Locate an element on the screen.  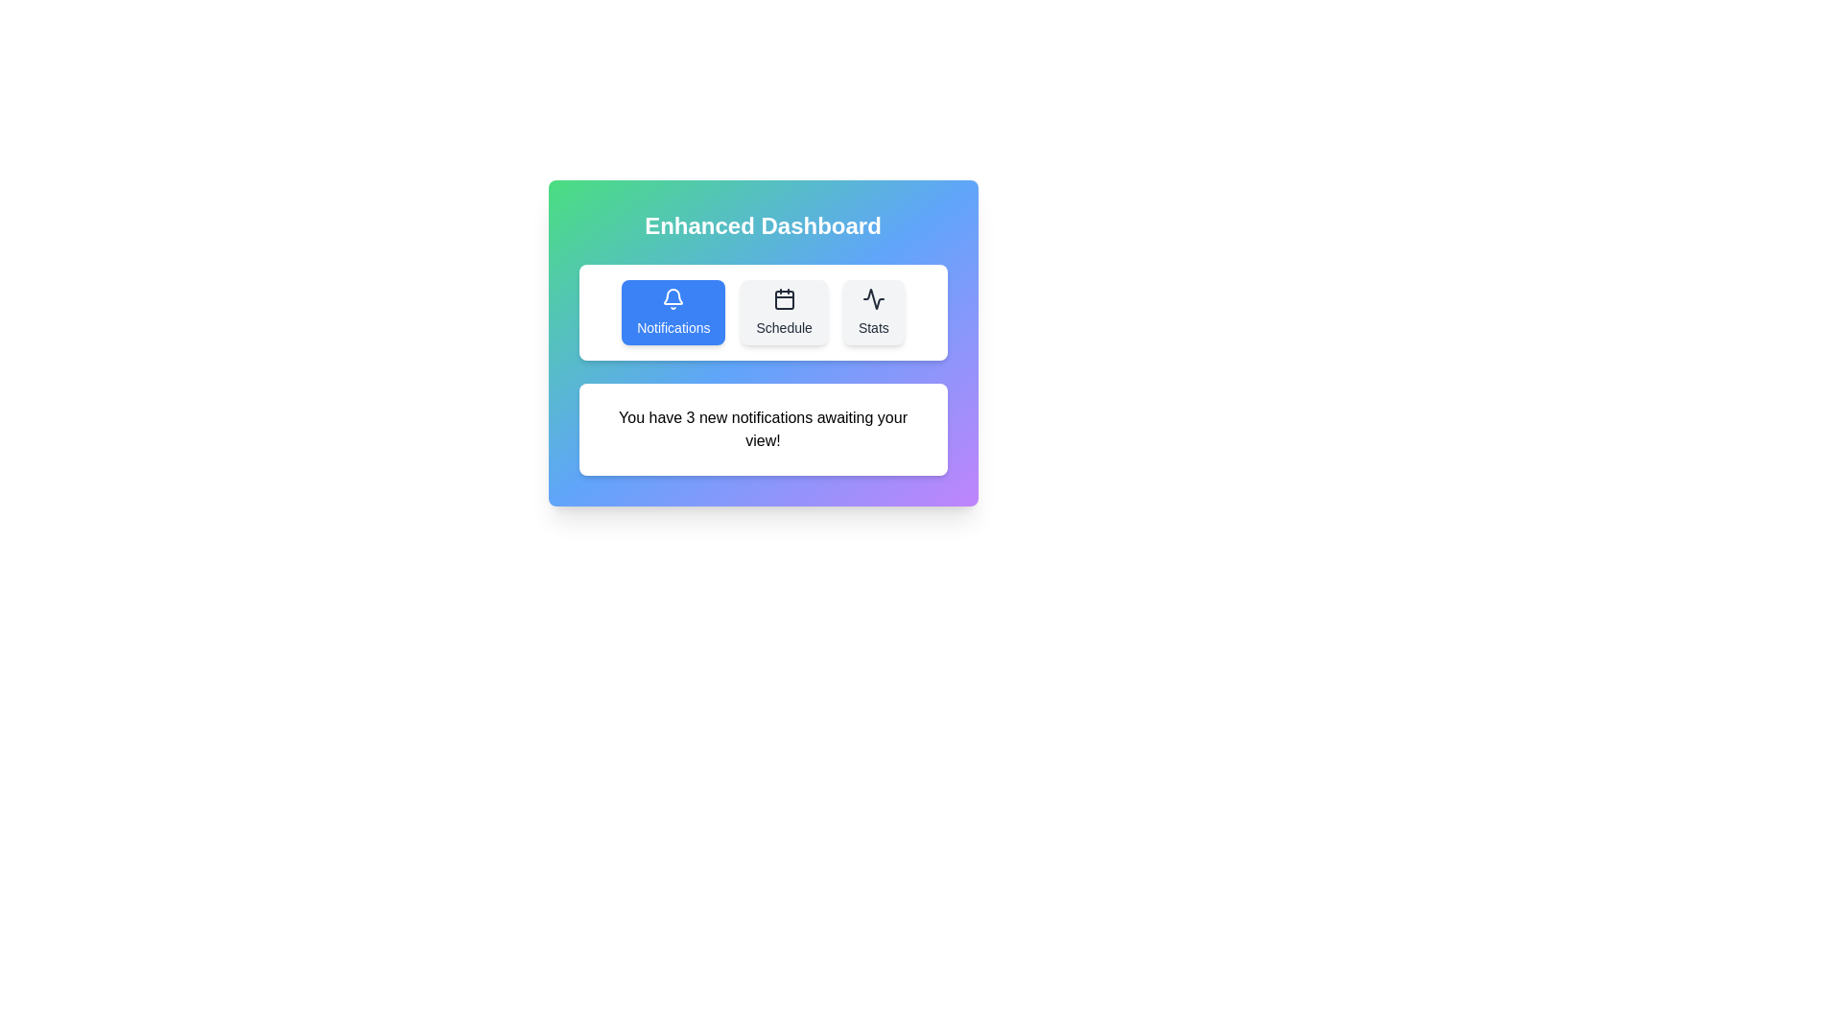
the 'Stats' card by clicking on the Vector icon that represents it, located at the center of the card is located at coordinates (872, 299).